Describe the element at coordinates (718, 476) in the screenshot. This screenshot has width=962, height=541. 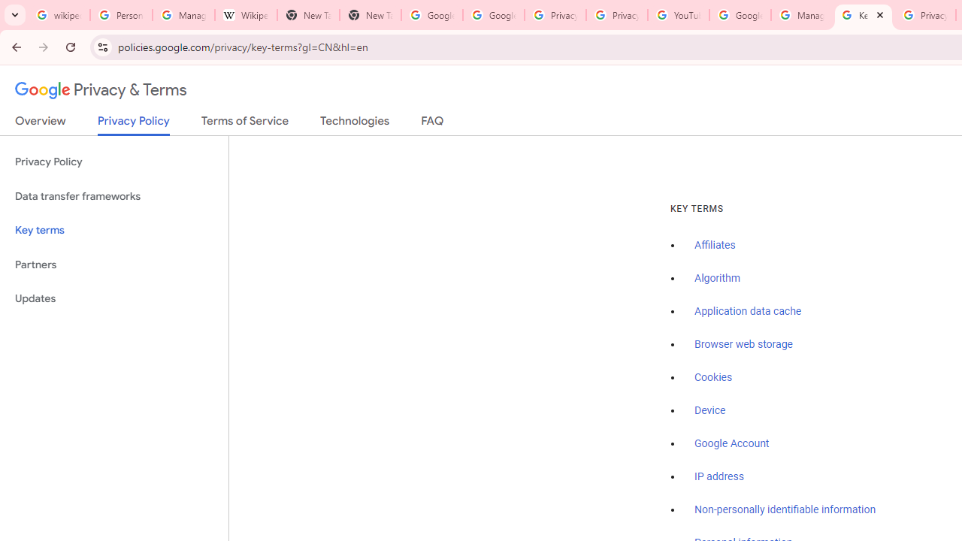
I see `'IP address'` at that location.